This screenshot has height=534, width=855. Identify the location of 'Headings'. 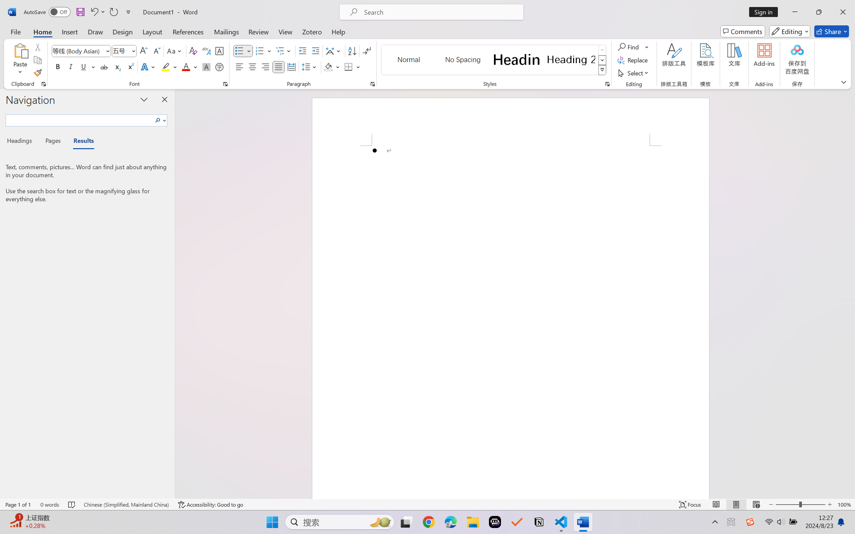
(22, 142).